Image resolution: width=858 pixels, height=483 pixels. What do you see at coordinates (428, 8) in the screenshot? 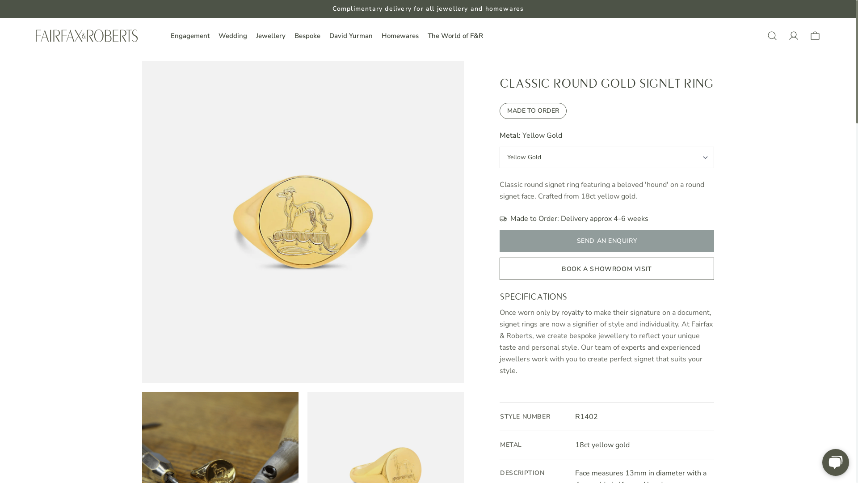
I see `'Complimentary delivery for all jewellery and homewares'` at bounding box center [428, 8].